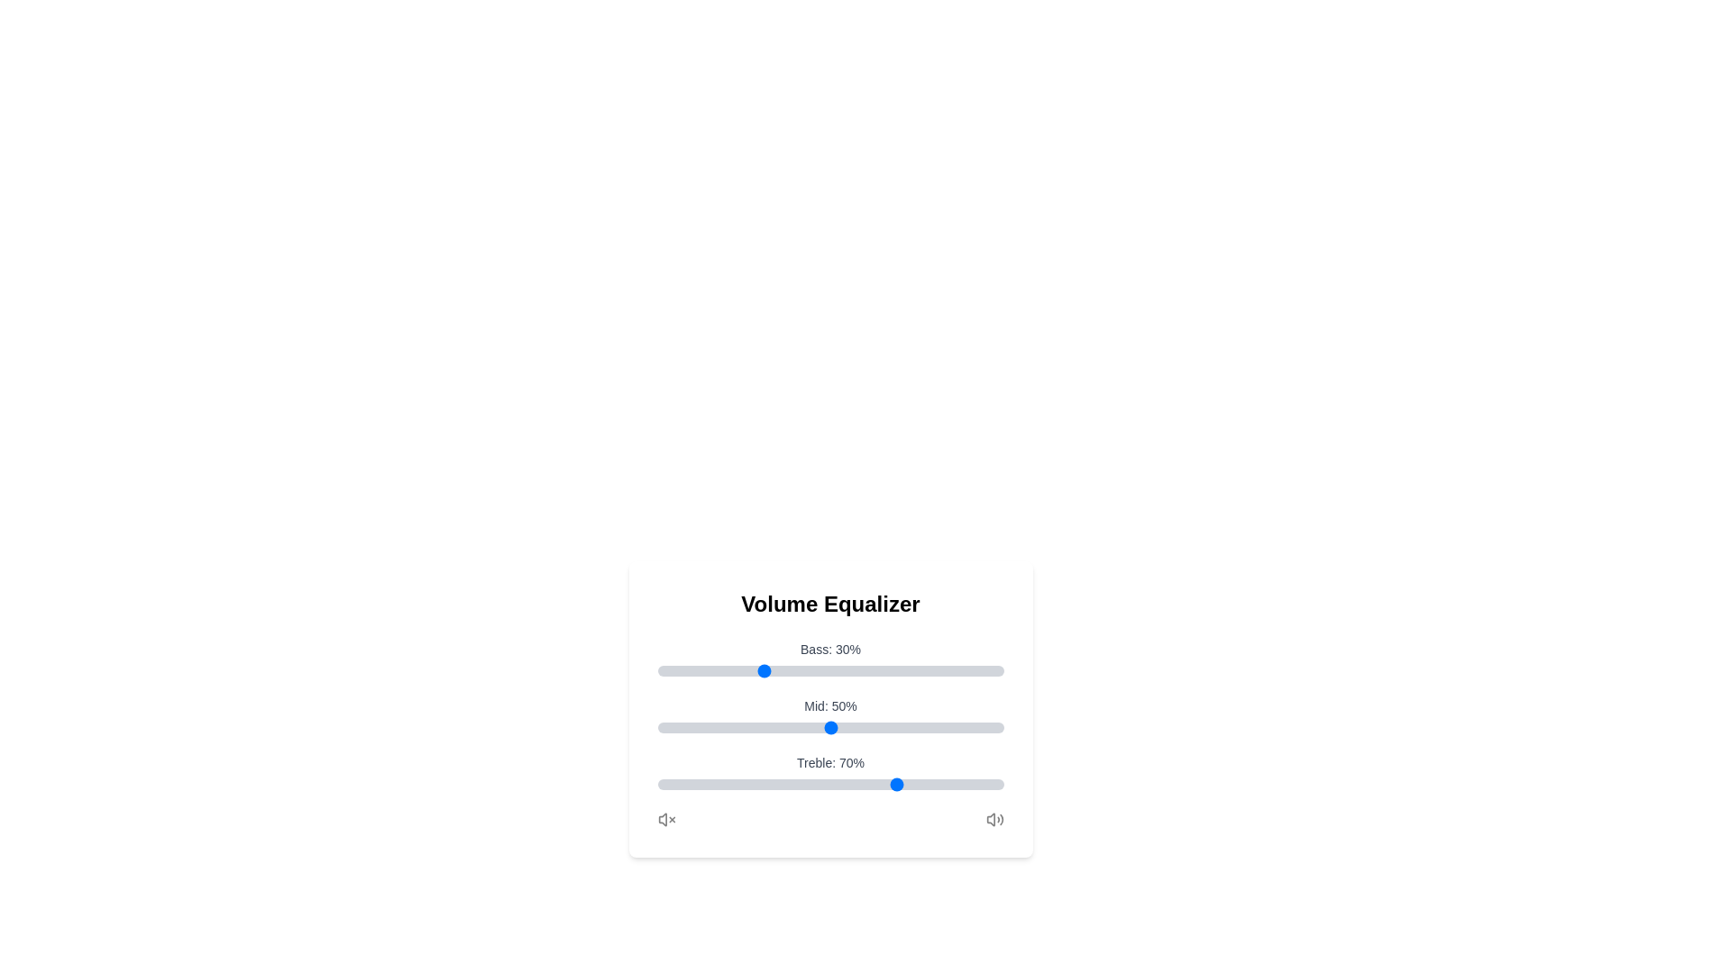 The width and height of the screenshot is (1731, 973). I want to click on the mute icon to toggle its state, so click(665, 820).